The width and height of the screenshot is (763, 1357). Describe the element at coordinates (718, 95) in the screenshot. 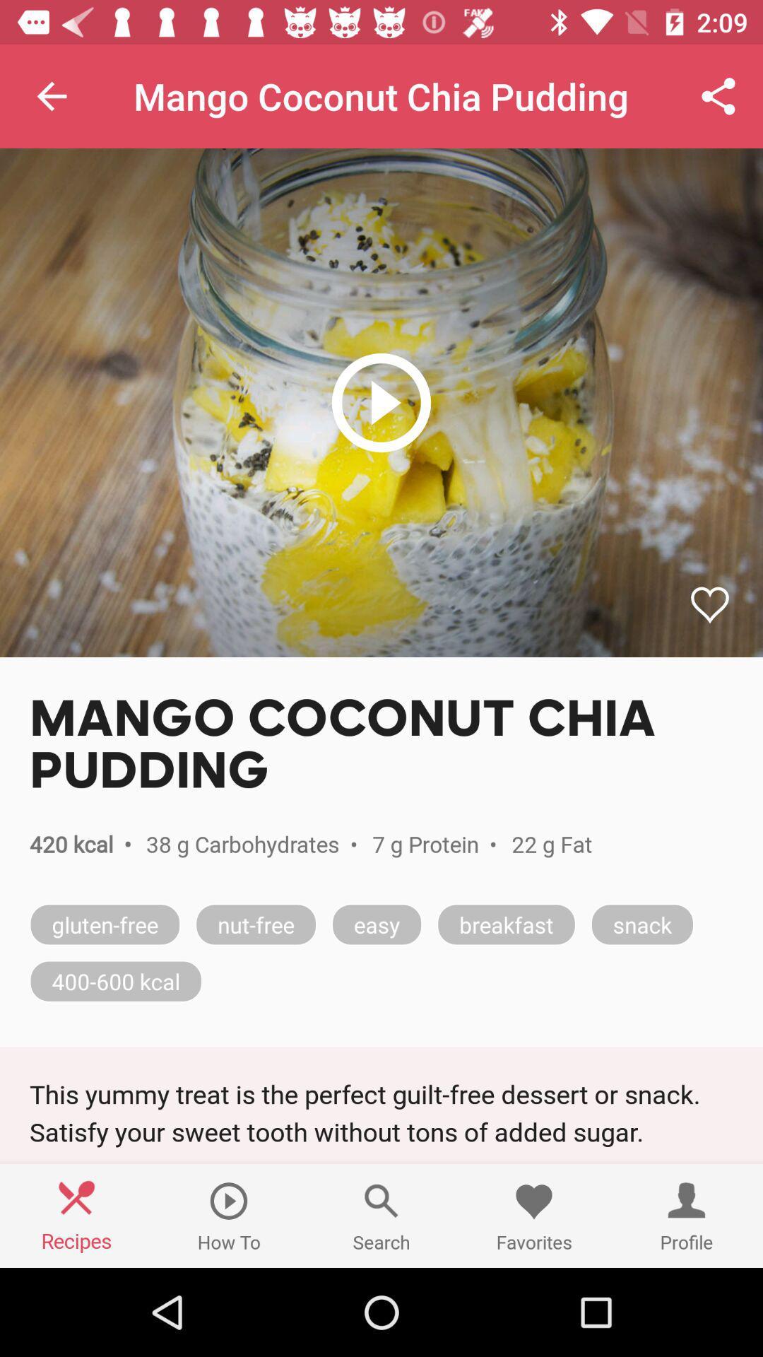

I see `icon at the top right corner` at that location.